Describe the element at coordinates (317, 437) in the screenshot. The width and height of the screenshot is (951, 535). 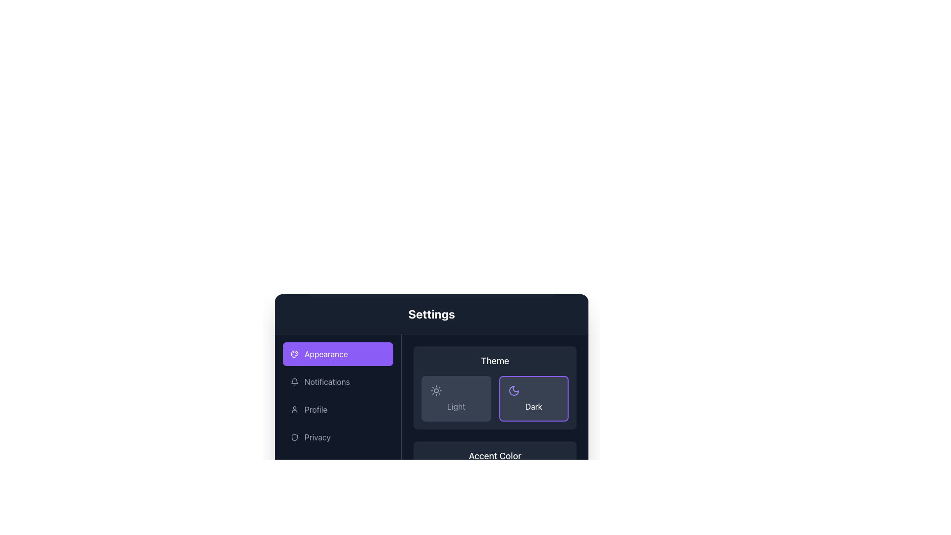
I see `the 'Privacy' text label in light gray color located in the settings menu on the left side of the interface to initiate an action` at that location.